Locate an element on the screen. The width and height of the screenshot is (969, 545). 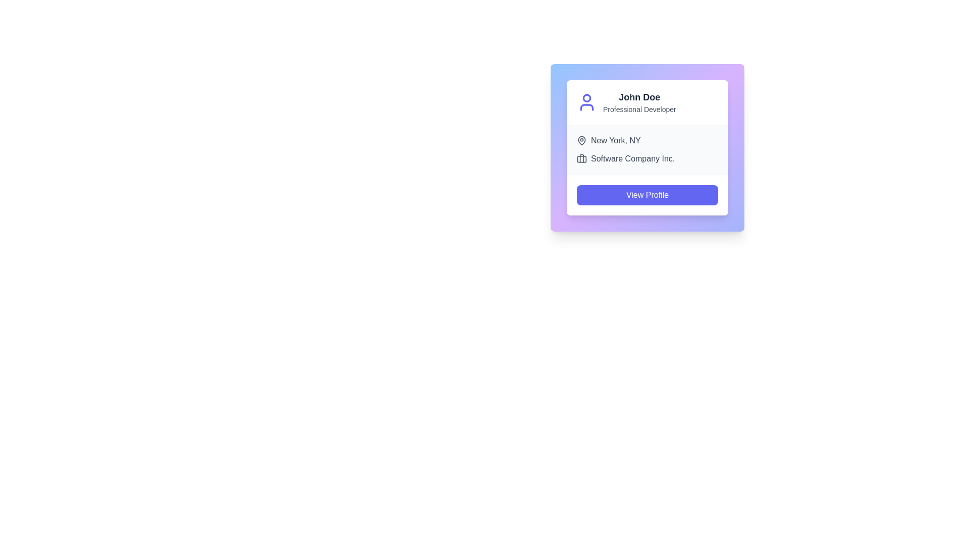
the map pin icon located to the left of the text 'New York, NY' in the profile card is located at coordinates (581, 140).